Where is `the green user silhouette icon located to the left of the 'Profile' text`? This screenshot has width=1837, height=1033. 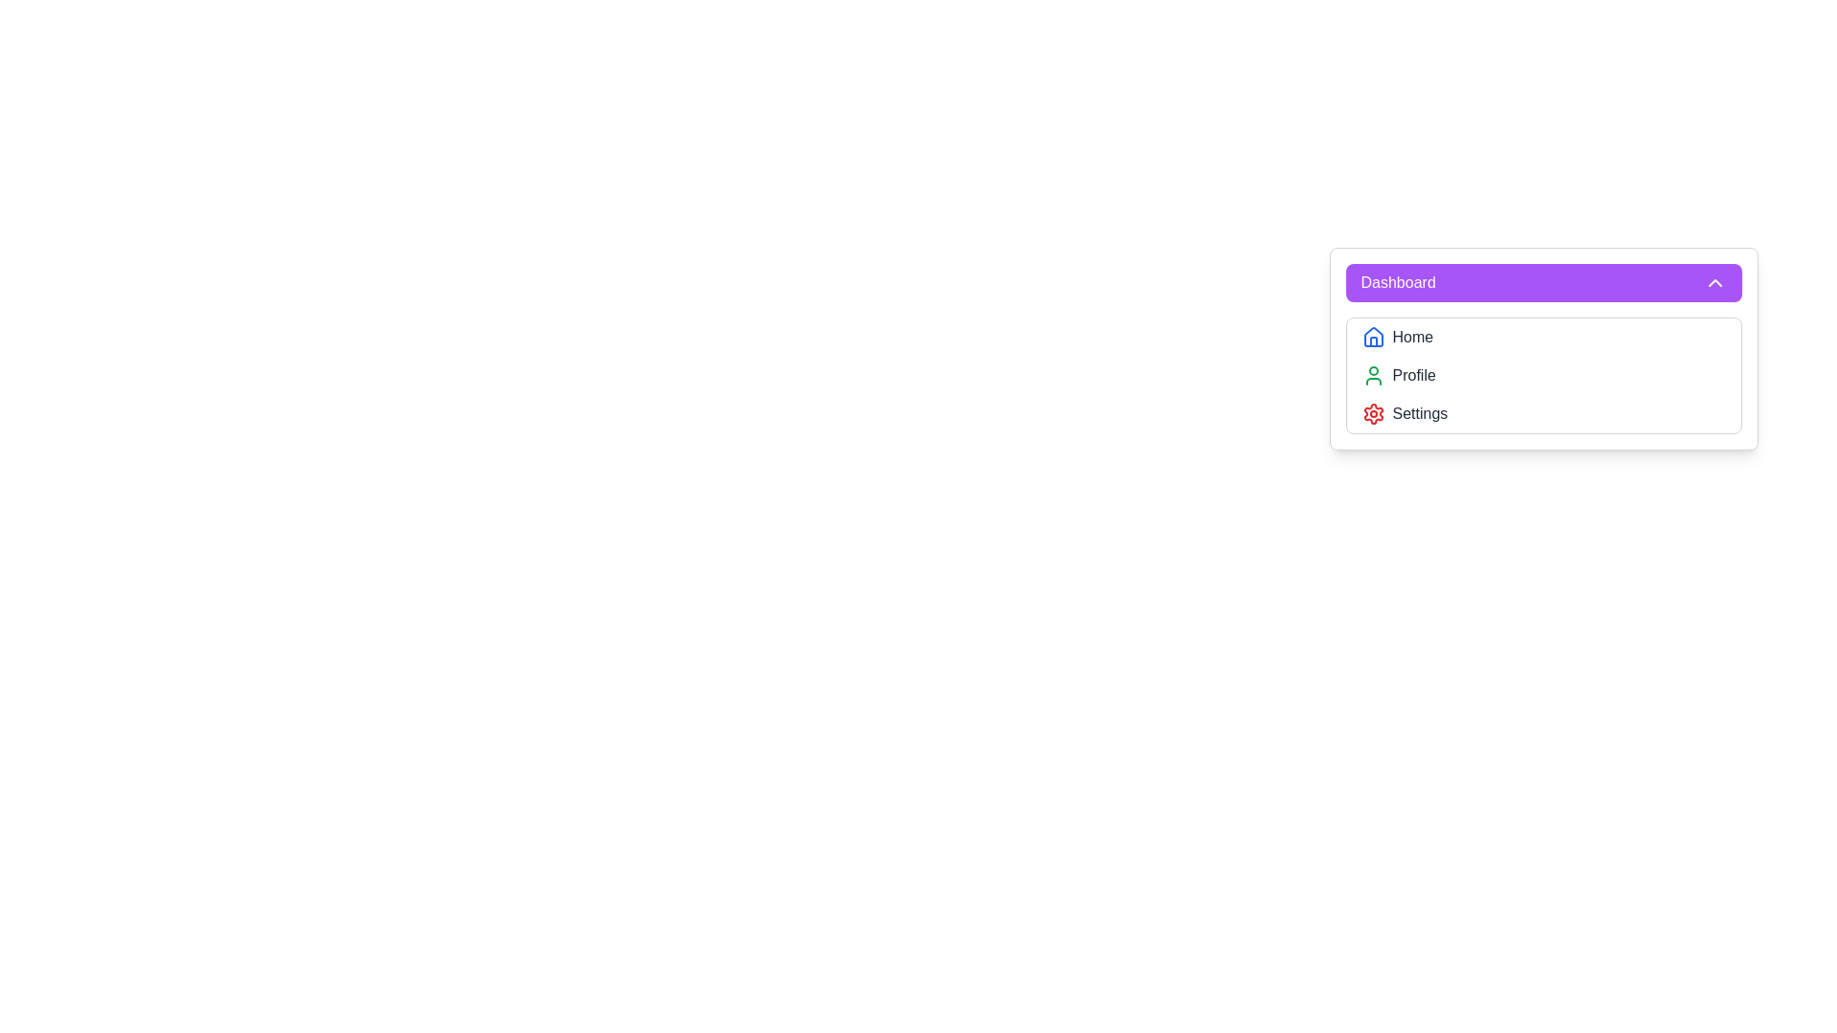 the green user silhouette icon located to the left of the 'Profile' text is located at coordinates (1372, 376).